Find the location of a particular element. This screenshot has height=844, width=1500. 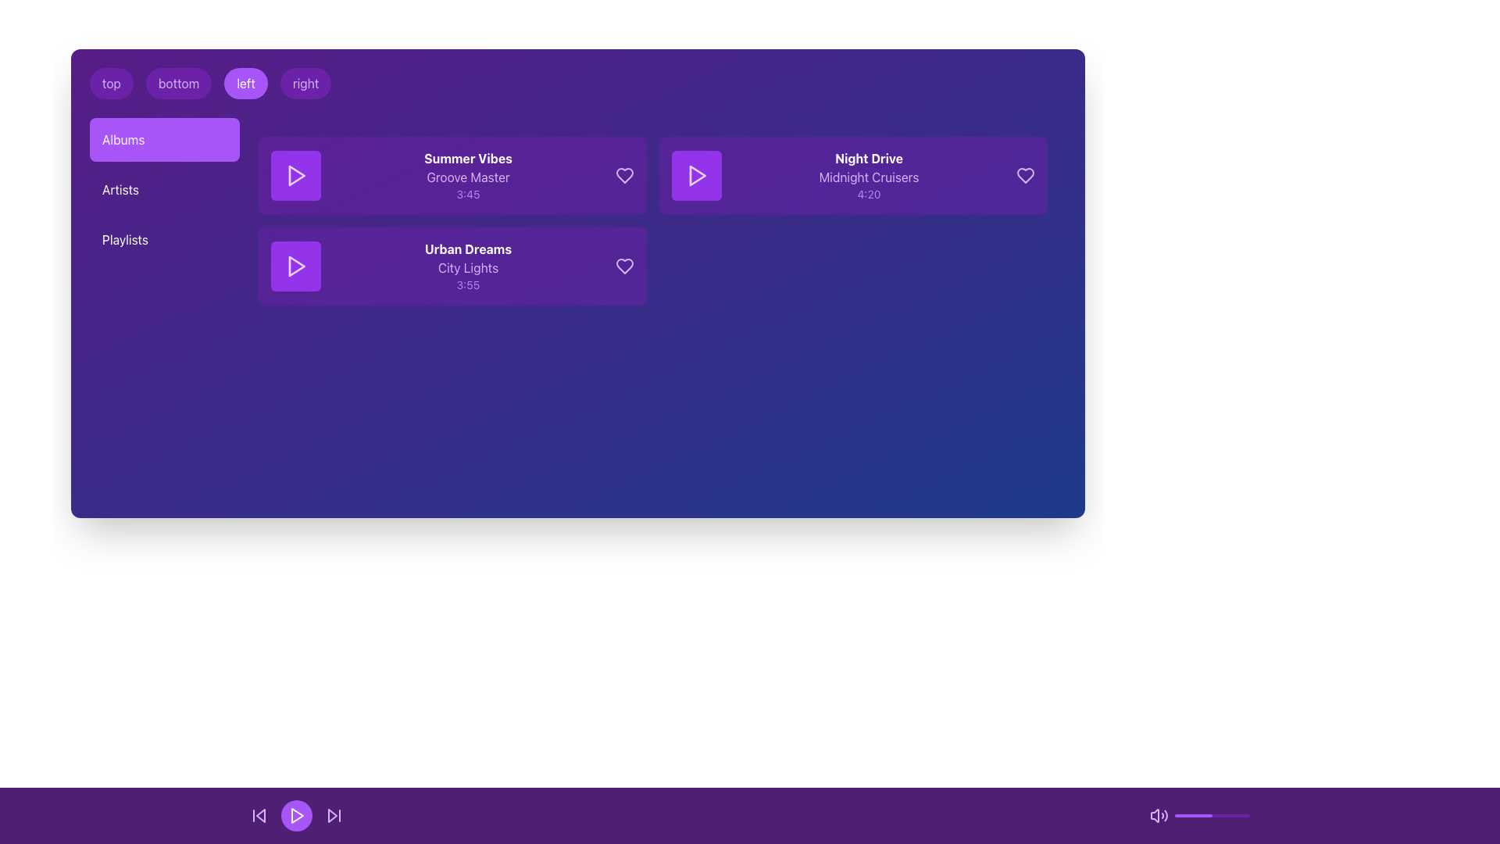

the heart icon next to the 'Groove Master' song listing is located at coordinates (625, 175).